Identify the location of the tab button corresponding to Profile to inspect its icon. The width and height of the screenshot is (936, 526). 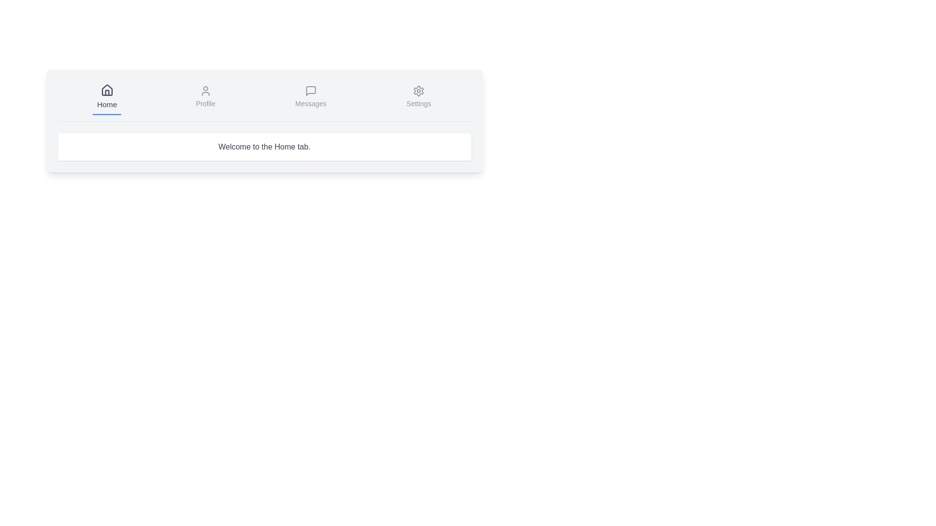
(205, 97).